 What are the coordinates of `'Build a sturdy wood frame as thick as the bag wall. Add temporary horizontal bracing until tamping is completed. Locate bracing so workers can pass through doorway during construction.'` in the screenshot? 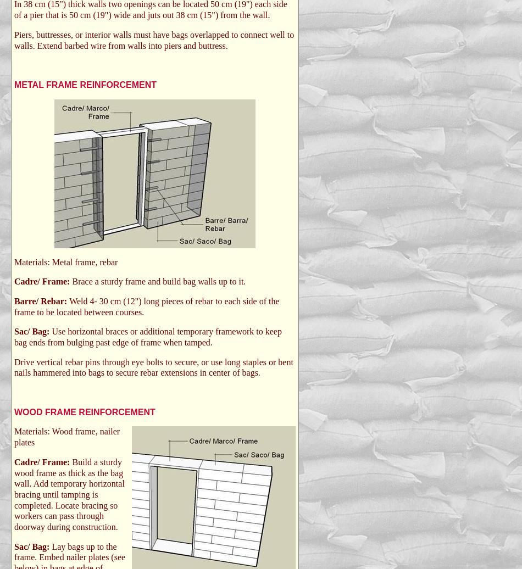 It's located at (14, 494).